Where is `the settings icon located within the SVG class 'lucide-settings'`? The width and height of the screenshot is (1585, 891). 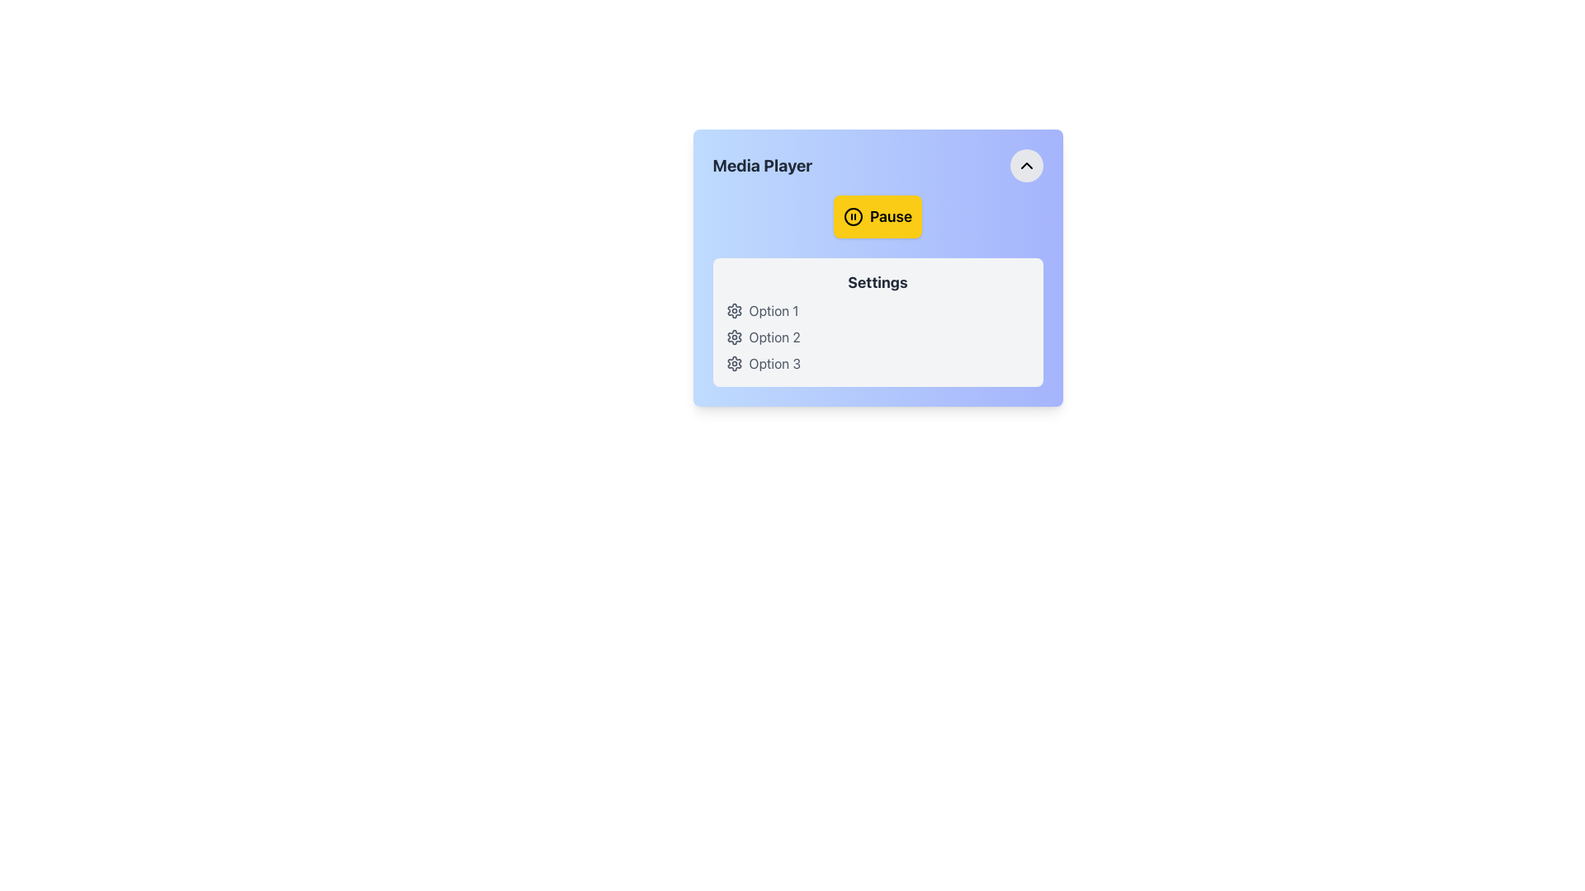 the settings icon located within the SVG class 'lucide-settings' is located at coordinates (733, 336).